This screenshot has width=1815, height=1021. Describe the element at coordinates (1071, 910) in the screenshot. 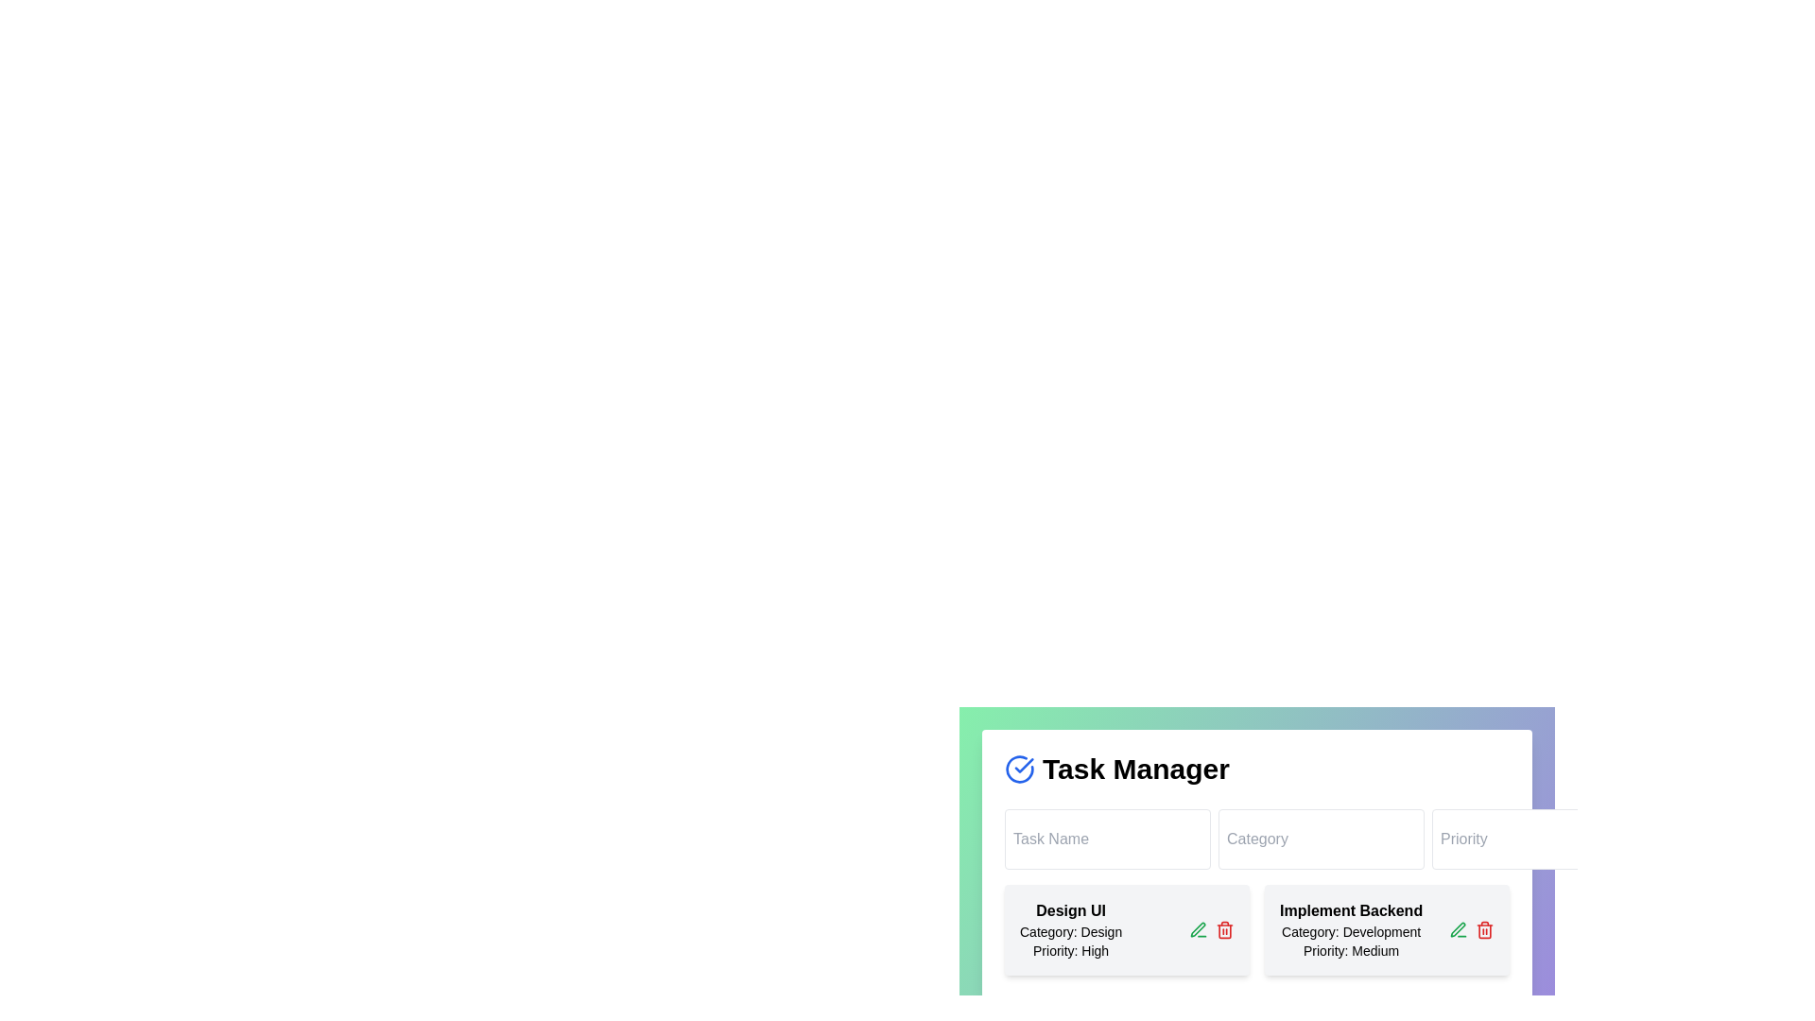

I see `the static text label 'Design UI' located at the top-left corner of the task card in the Task Manager interface` at that location.